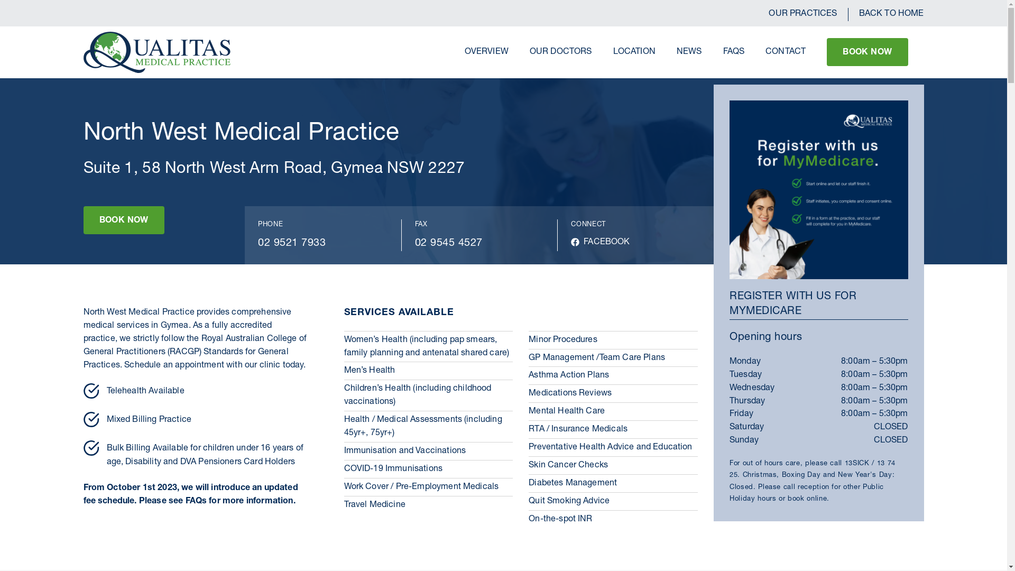  Describe the element at coordinates (560, 52) in the screenshot. I see `'OUR DOCTORS'` at that location.